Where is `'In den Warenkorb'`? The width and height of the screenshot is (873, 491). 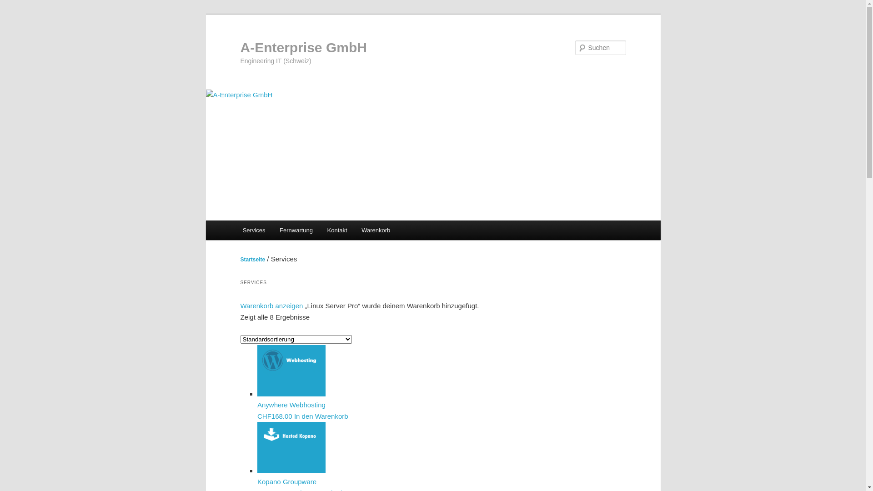 'In den Warenkorb' is located at coordinates (321, 416).